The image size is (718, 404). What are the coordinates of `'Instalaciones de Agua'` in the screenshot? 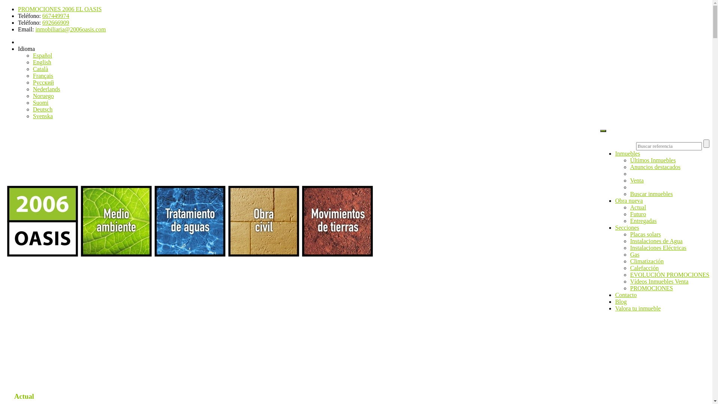 It's located at (629, 241).